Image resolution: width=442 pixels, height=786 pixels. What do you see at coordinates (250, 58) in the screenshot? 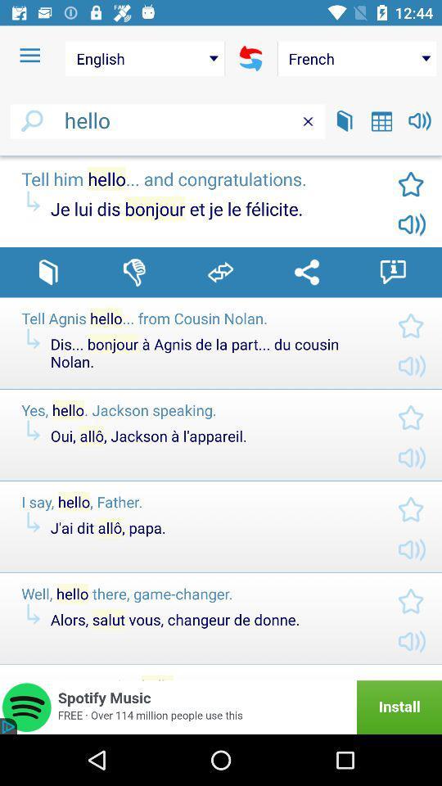
I see `translate` at bounding box center [250, 58].